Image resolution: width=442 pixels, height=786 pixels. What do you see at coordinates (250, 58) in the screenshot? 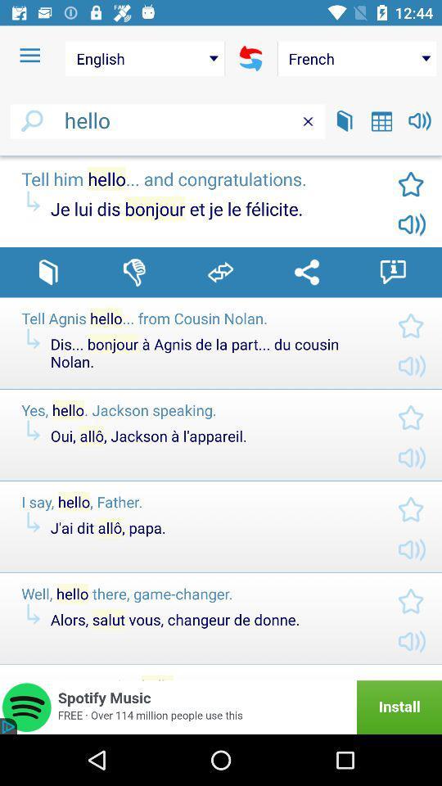
I see `translate` at bounding box center [250, 58].